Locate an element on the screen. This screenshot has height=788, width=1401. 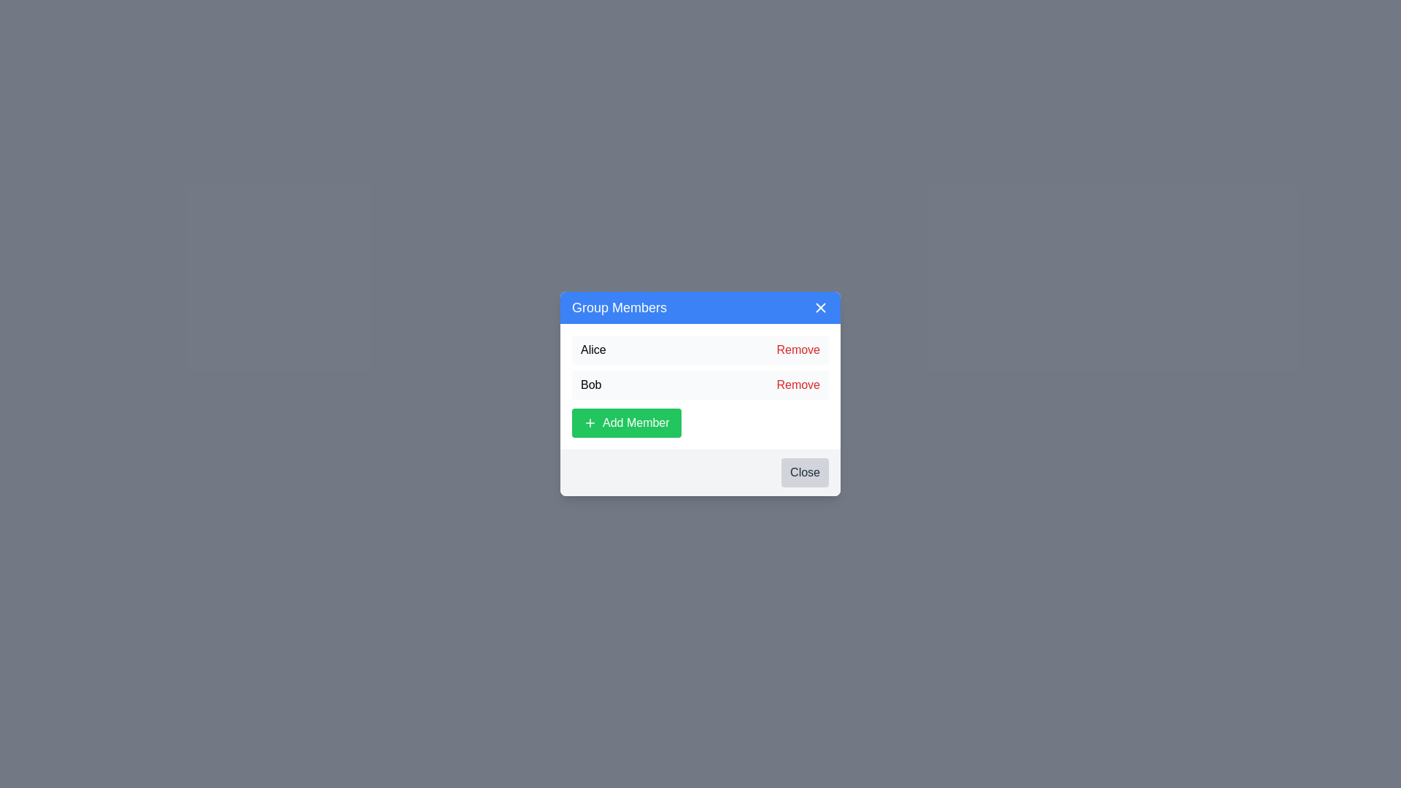
the modal dialog box titled 'Group Members', which contains member names, 'Remove' buttons, an 'Add Member' button, and a 'Close' button is located at coordinates (700, 394).